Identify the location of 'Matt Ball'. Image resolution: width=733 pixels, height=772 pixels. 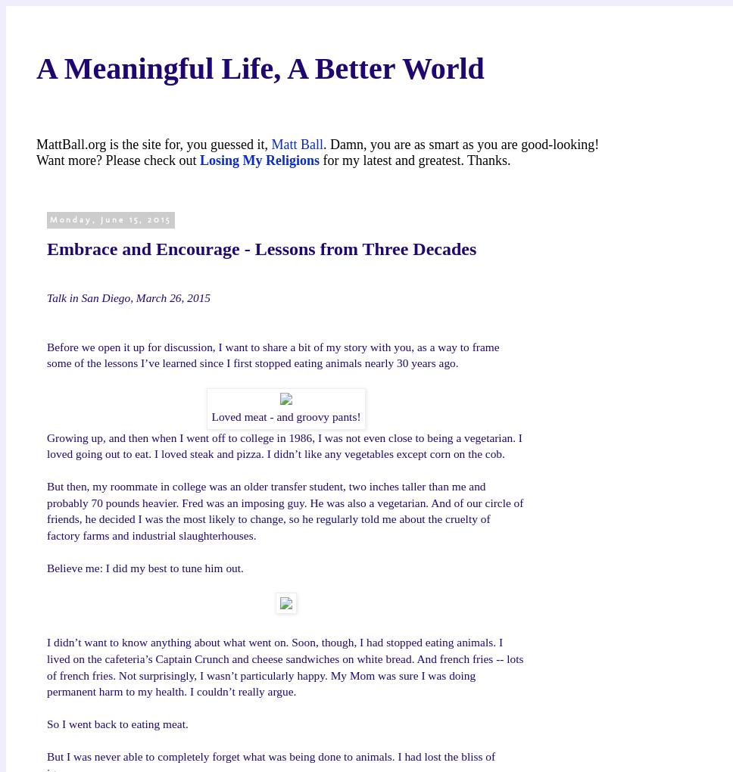
(296, 143).